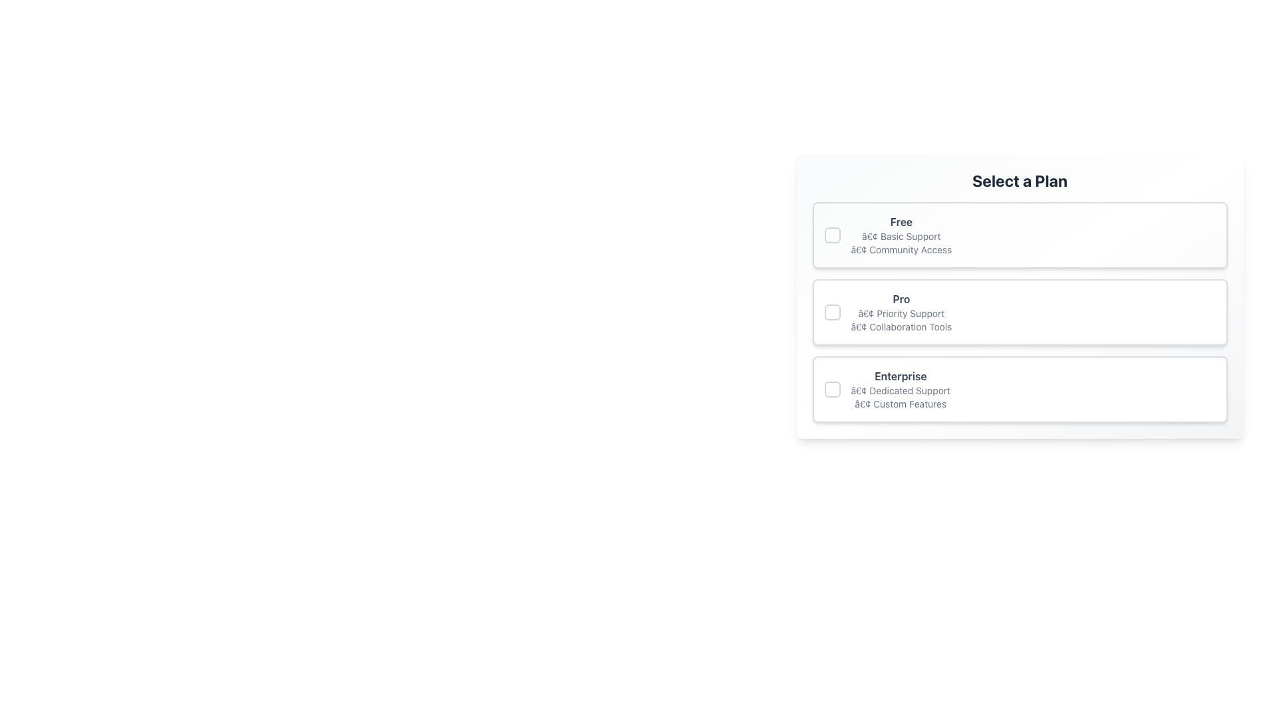 This screenshot has width=1277, height=718. What do you see at coordinates (901, 396) in the screenshot?
I see `the textual component containing the bullet points '• Dedicated Support' and '• Custom Features' within the 'Enterprise' plan card` at bounding box center [901, 396].